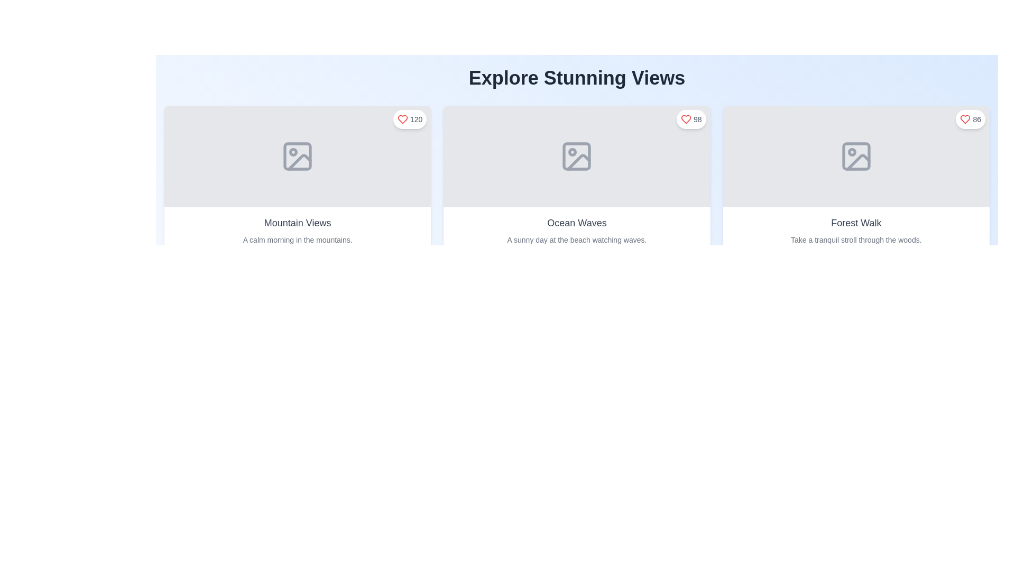 This screenshot has width=1015, height=571. Describe the element at coordinates (297, 179) in the screenshot. I see `title and description of the Card component located at the top-left of the grid layout, which represents an item or entity with interaction options` at that location.